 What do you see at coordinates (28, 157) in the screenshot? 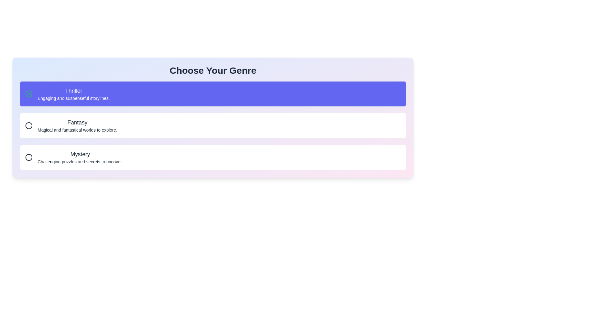
I see `the visual indicator icon located to the left of the text 'Mystery' in the 'Choose Your Genre' interface` at bounding box center [28, 157].